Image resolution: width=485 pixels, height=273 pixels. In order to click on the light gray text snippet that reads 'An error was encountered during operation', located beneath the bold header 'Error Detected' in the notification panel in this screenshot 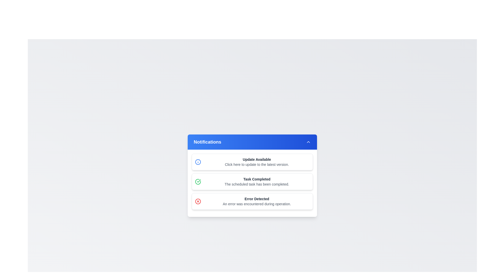, I will do `click(257, 203)`.